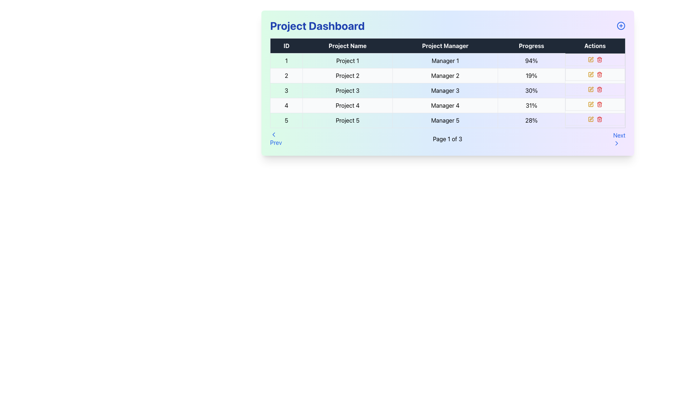  What do you see at coordinates (286, 120) in the screenshot?
I see `the static text element displaying the identifier of the fifth project in the 'Project Dashboard' interface by moving the cursor to its center` at bounding box center [286, 120].